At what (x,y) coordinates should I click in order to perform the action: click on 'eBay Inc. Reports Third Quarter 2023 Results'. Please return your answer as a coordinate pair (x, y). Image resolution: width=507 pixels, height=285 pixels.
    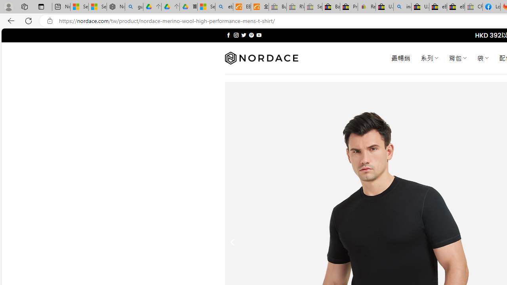
    Looking at the image, I should click on (456, 7).